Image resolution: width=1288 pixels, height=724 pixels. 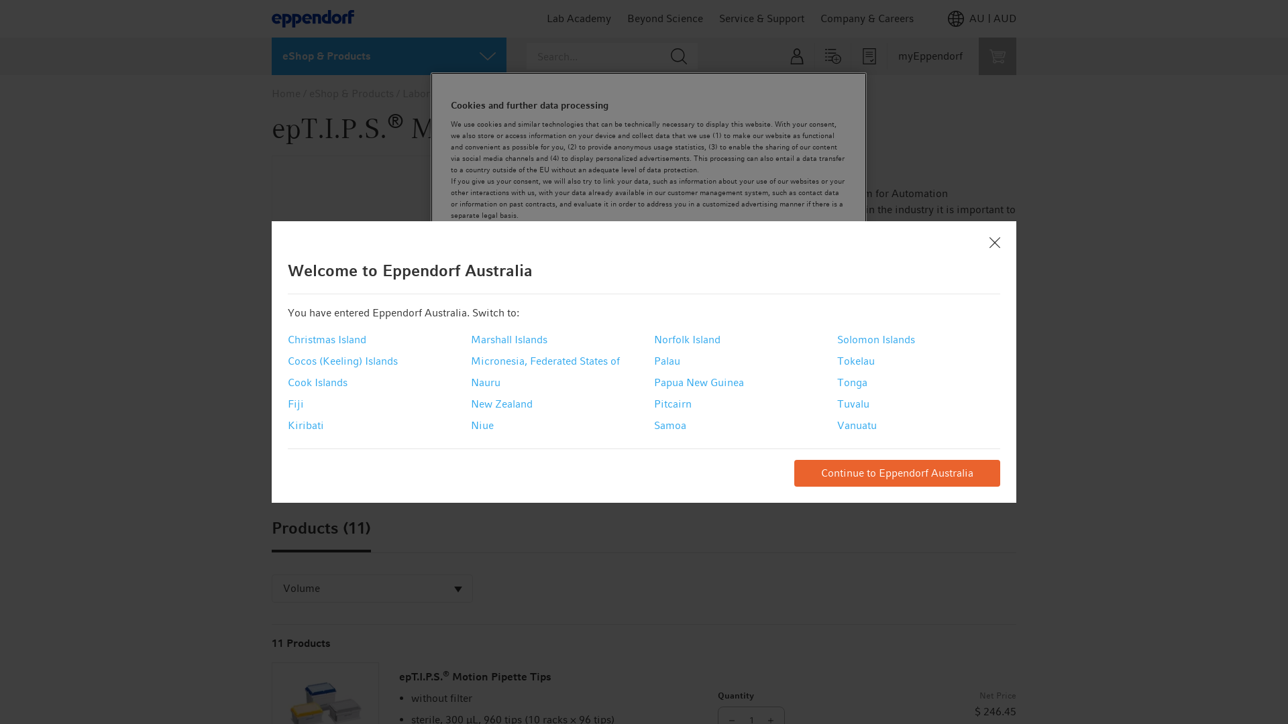 I want to click on 'Tokelau', so click(x=855, y=361).